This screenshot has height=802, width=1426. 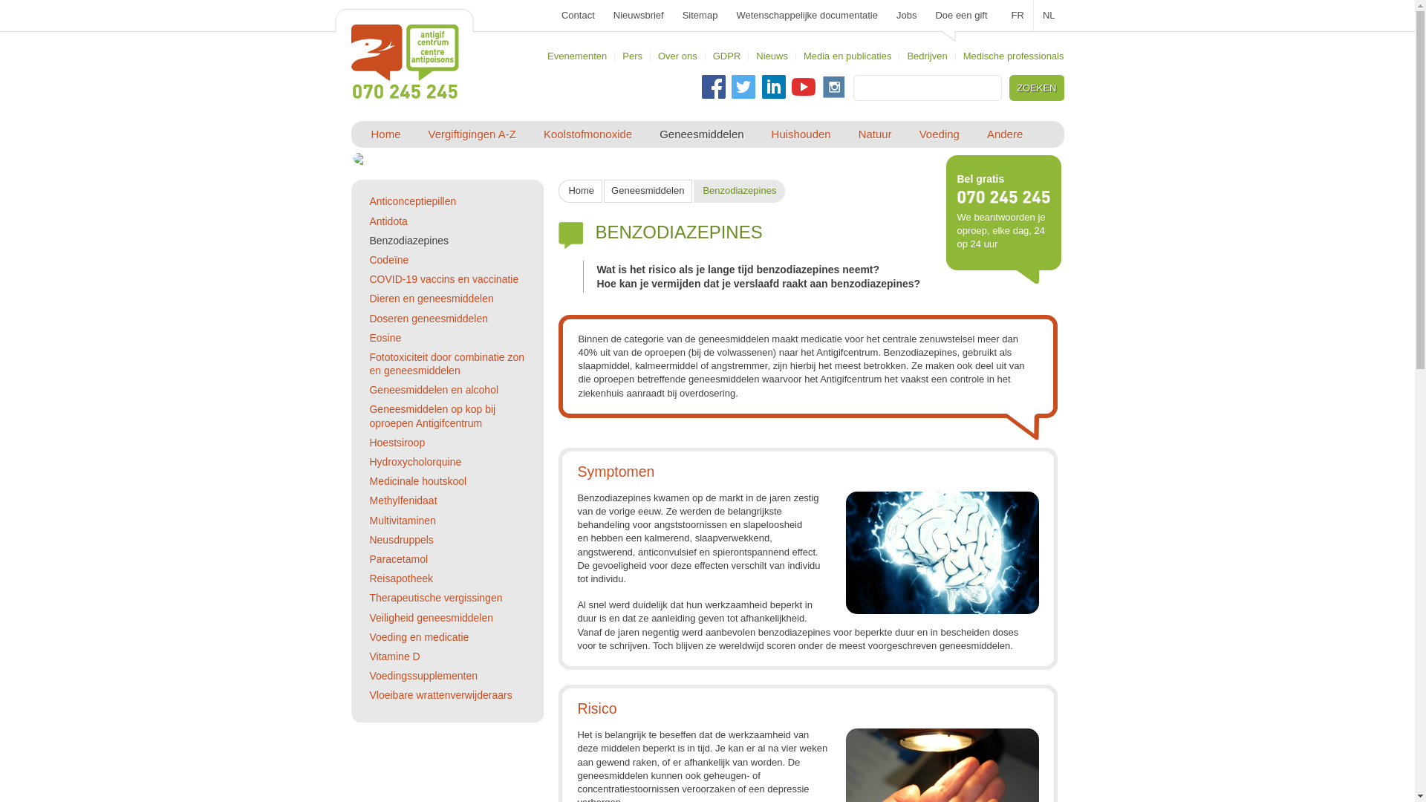 I want to click on 'Eosine', so click(x=385, y=338).